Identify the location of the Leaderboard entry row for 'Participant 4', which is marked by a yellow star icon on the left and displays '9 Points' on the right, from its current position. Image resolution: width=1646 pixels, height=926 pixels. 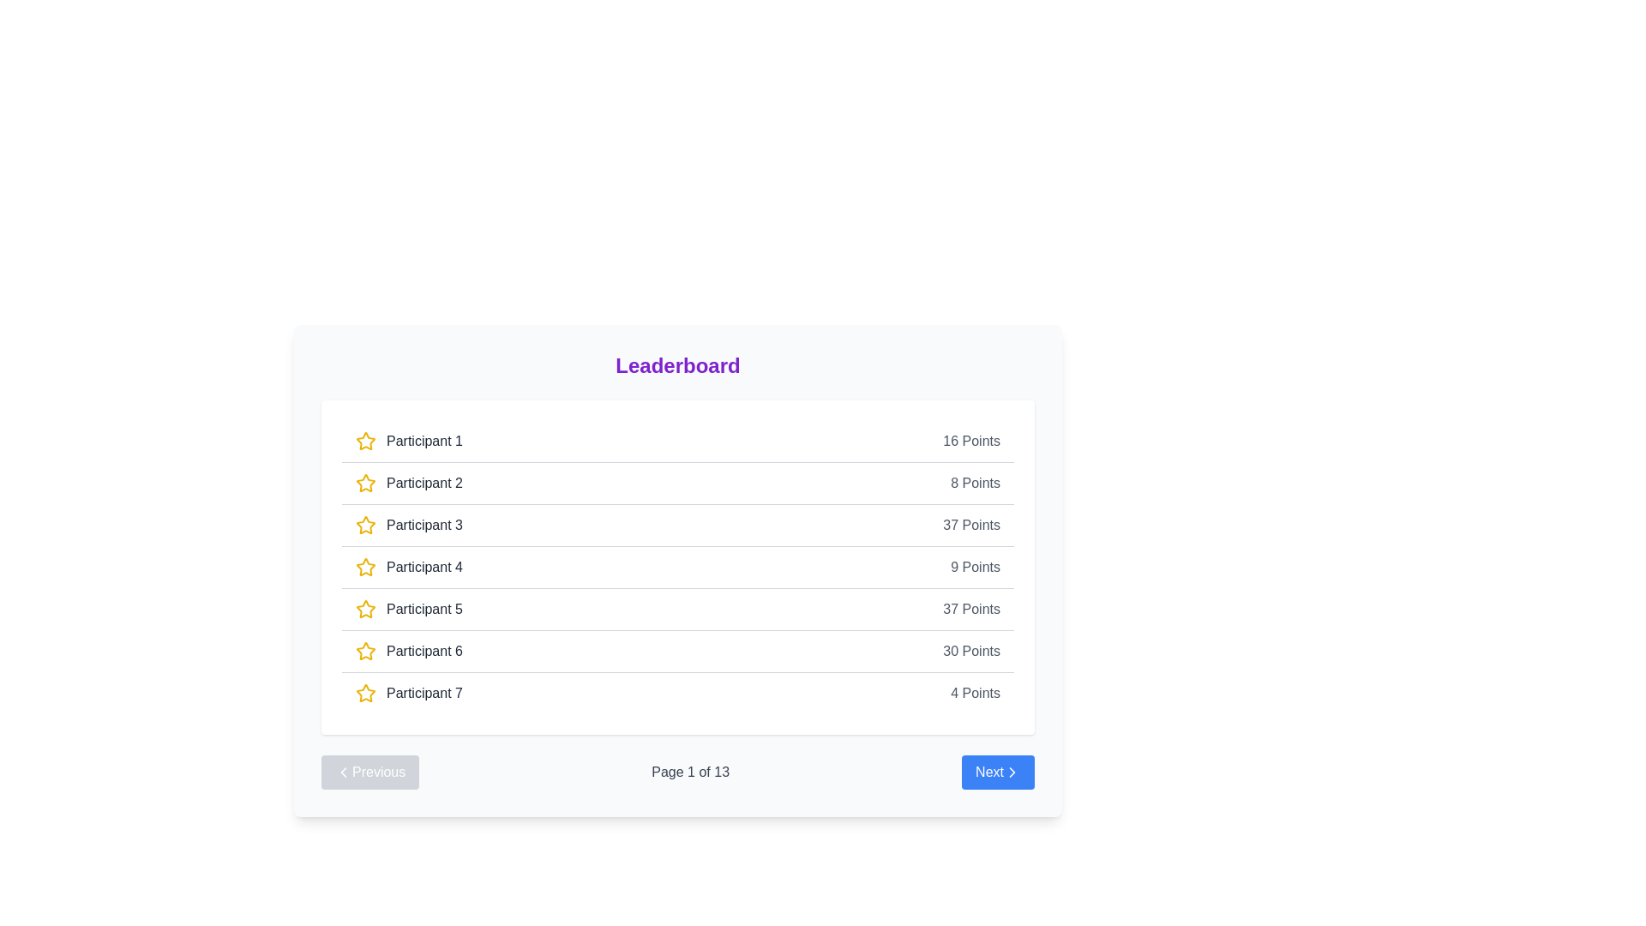
(677, 567).